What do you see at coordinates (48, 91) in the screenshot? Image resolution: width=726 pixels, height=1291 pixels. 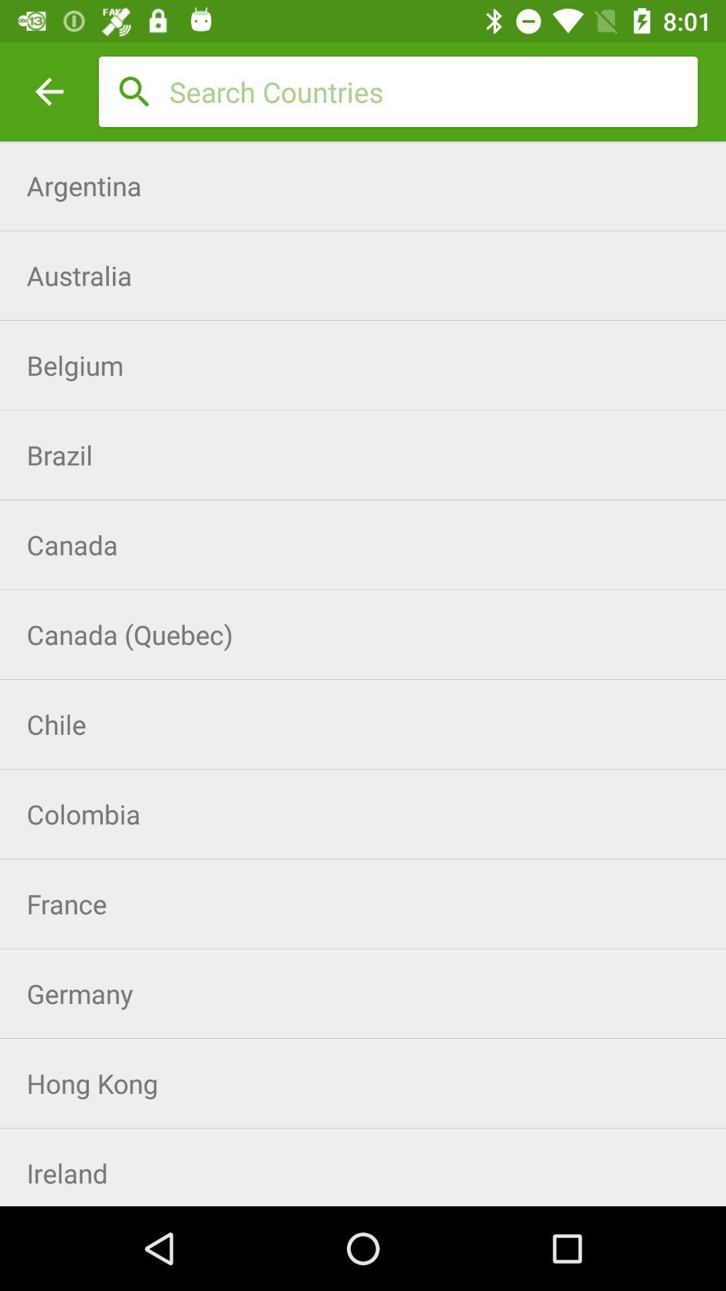 I see `item above the argentina item` at bounding box center [48, 91].